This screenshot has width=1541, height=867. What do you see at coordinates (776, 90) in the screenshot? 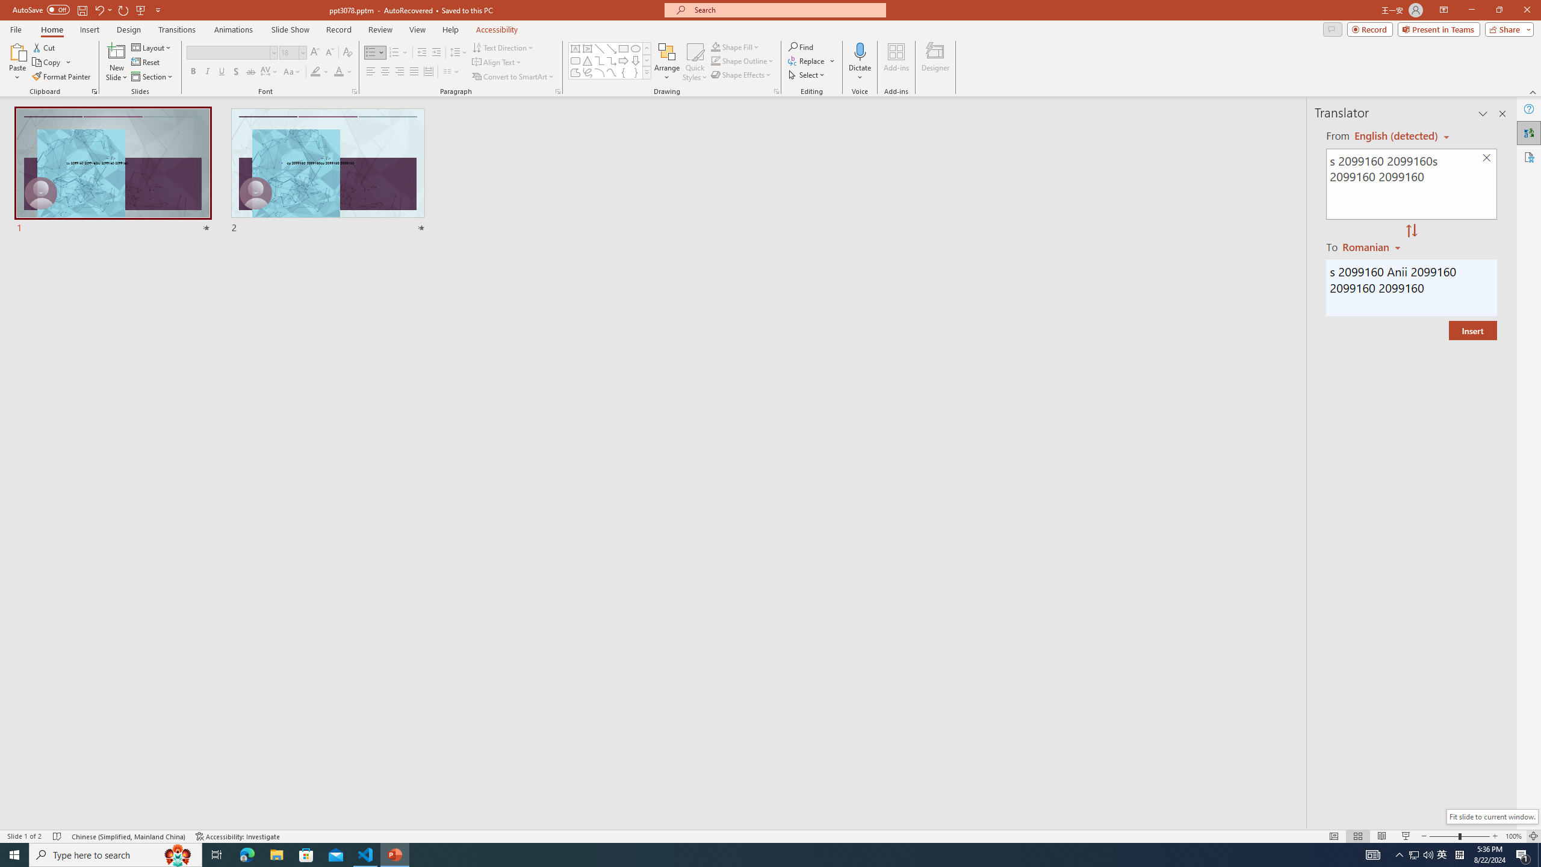
I see `'Format Object...'` at bounding box center [776, 90].